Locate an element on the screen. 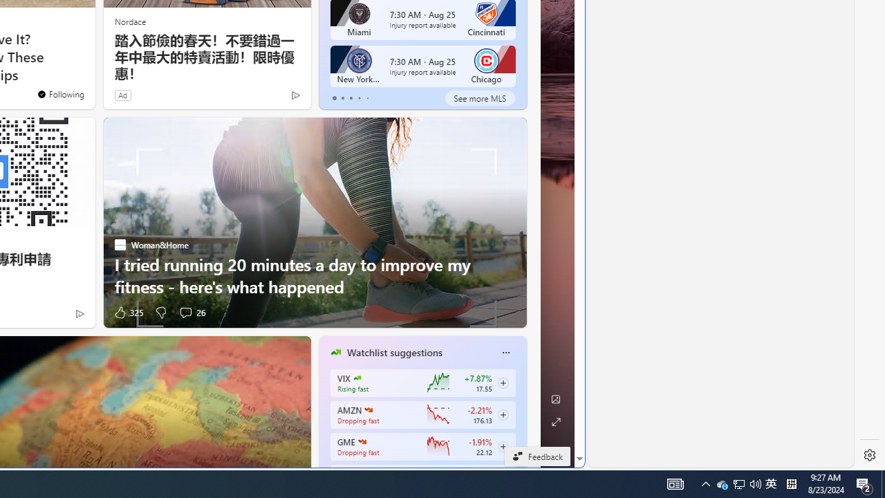 This screenshot has height=498, width=885. 'tab-4' is located at coordinates (367, 98).